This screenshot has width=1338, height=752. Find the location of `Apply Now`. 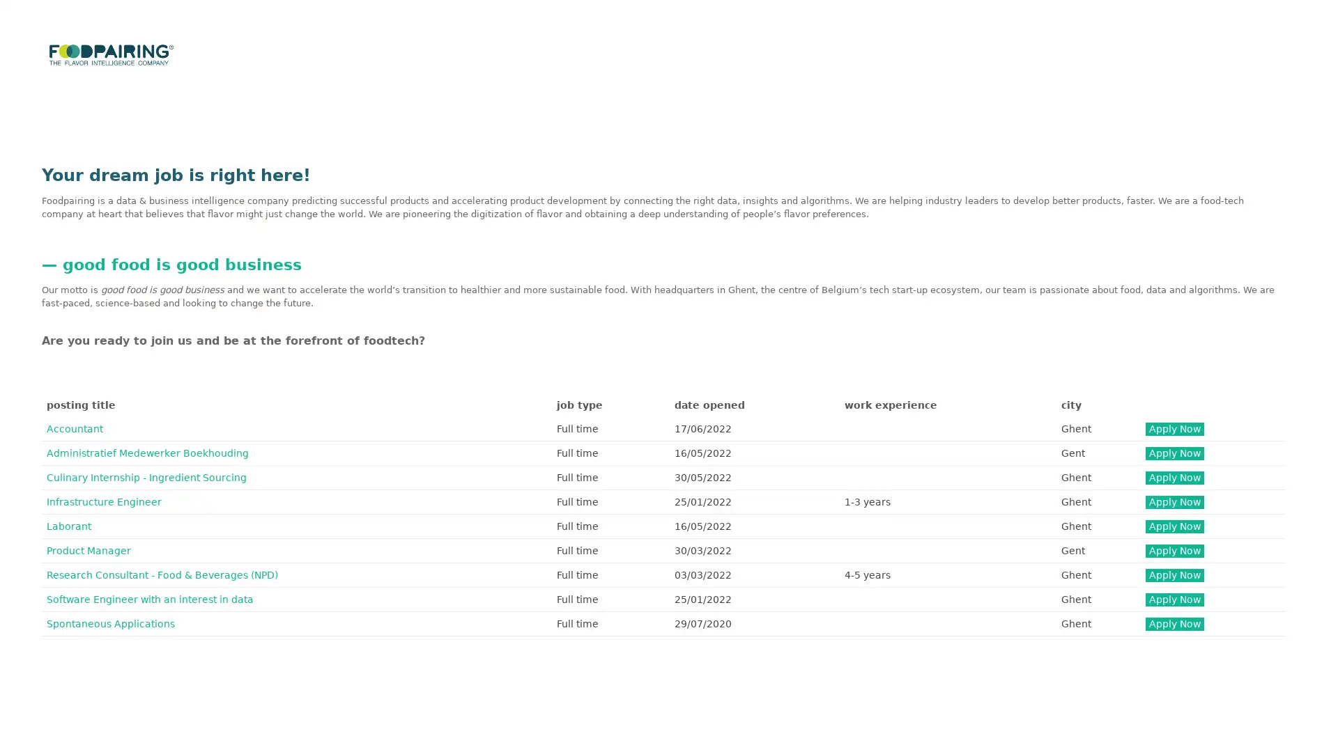

Apply Now is located at coordinates (1173, 476).